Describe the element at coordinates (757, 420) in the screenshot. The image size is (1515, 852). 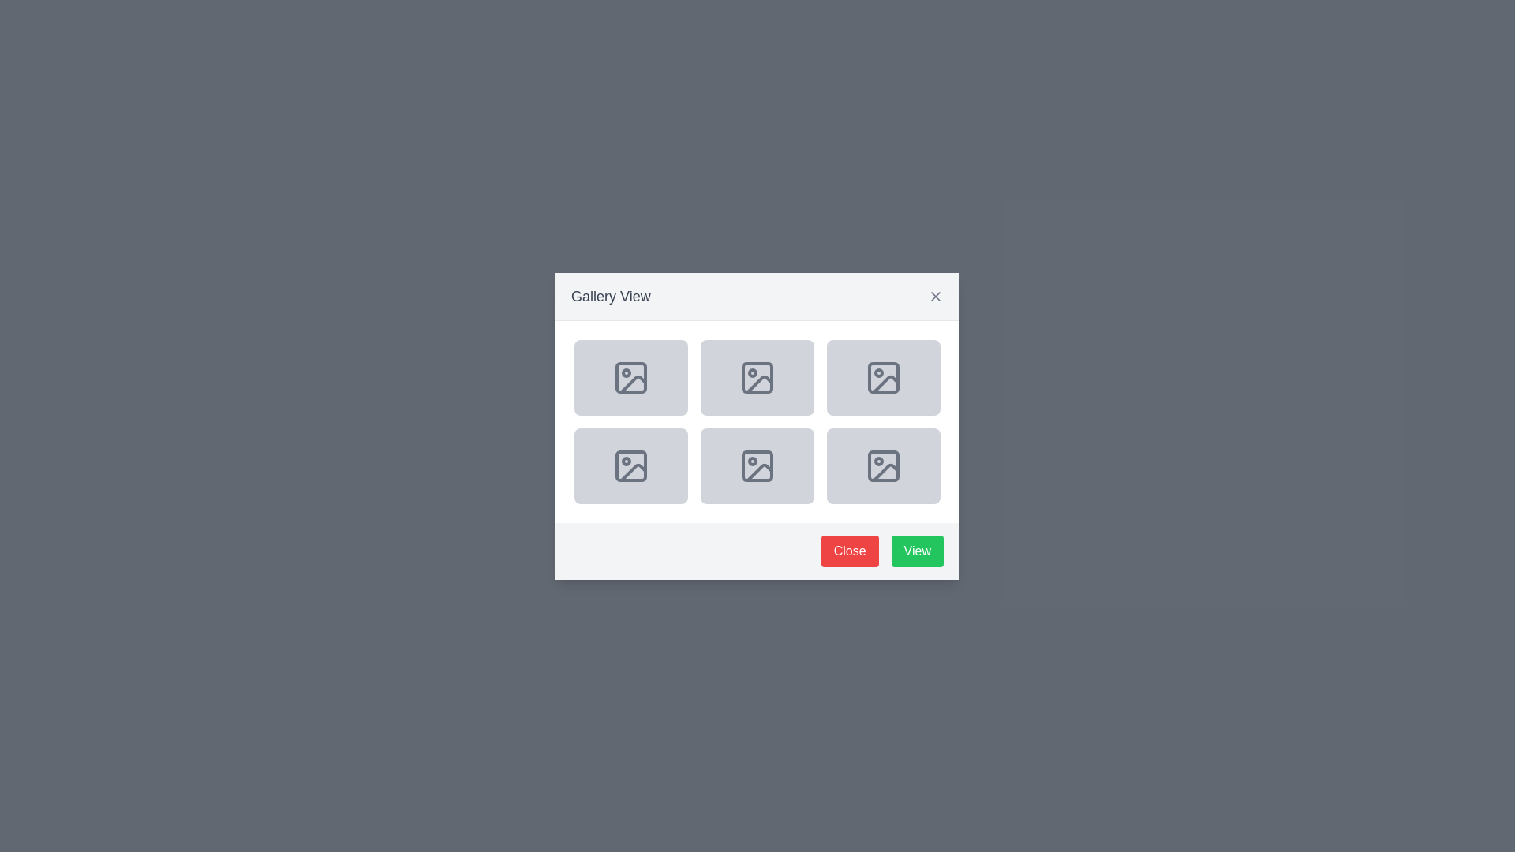
I see `the central grid element within the modal labeled 'Gallery View', which contains six rectangular cells with icons` at that location.